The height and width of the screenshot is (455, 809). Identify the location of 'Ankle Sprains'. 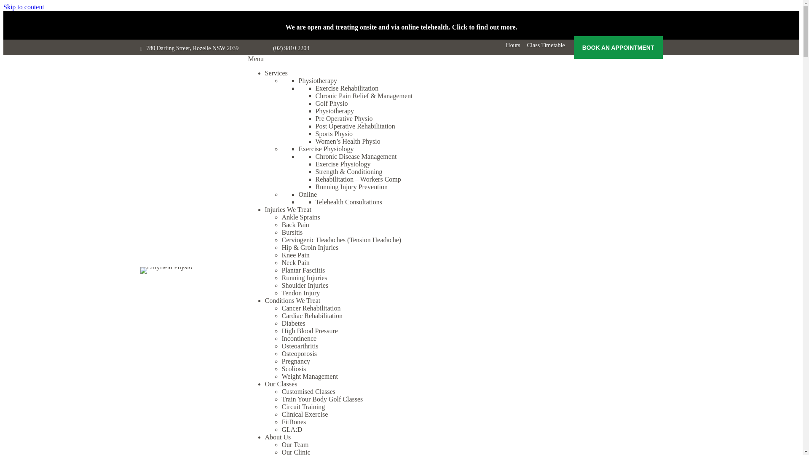
(300, 217).